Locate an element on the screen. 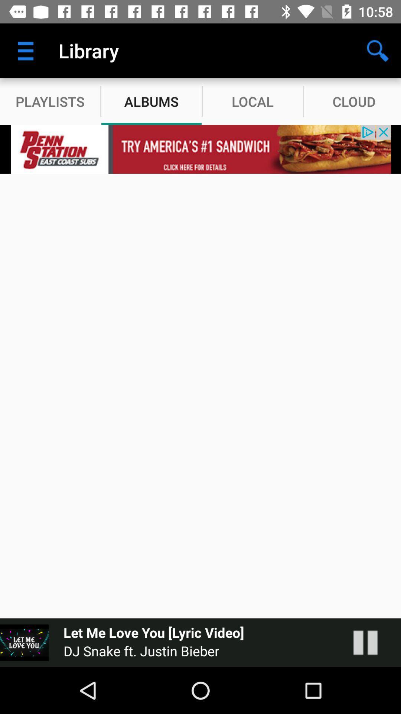 The image size is (401, 714). the pause icon is located at coordinates (373, 642).